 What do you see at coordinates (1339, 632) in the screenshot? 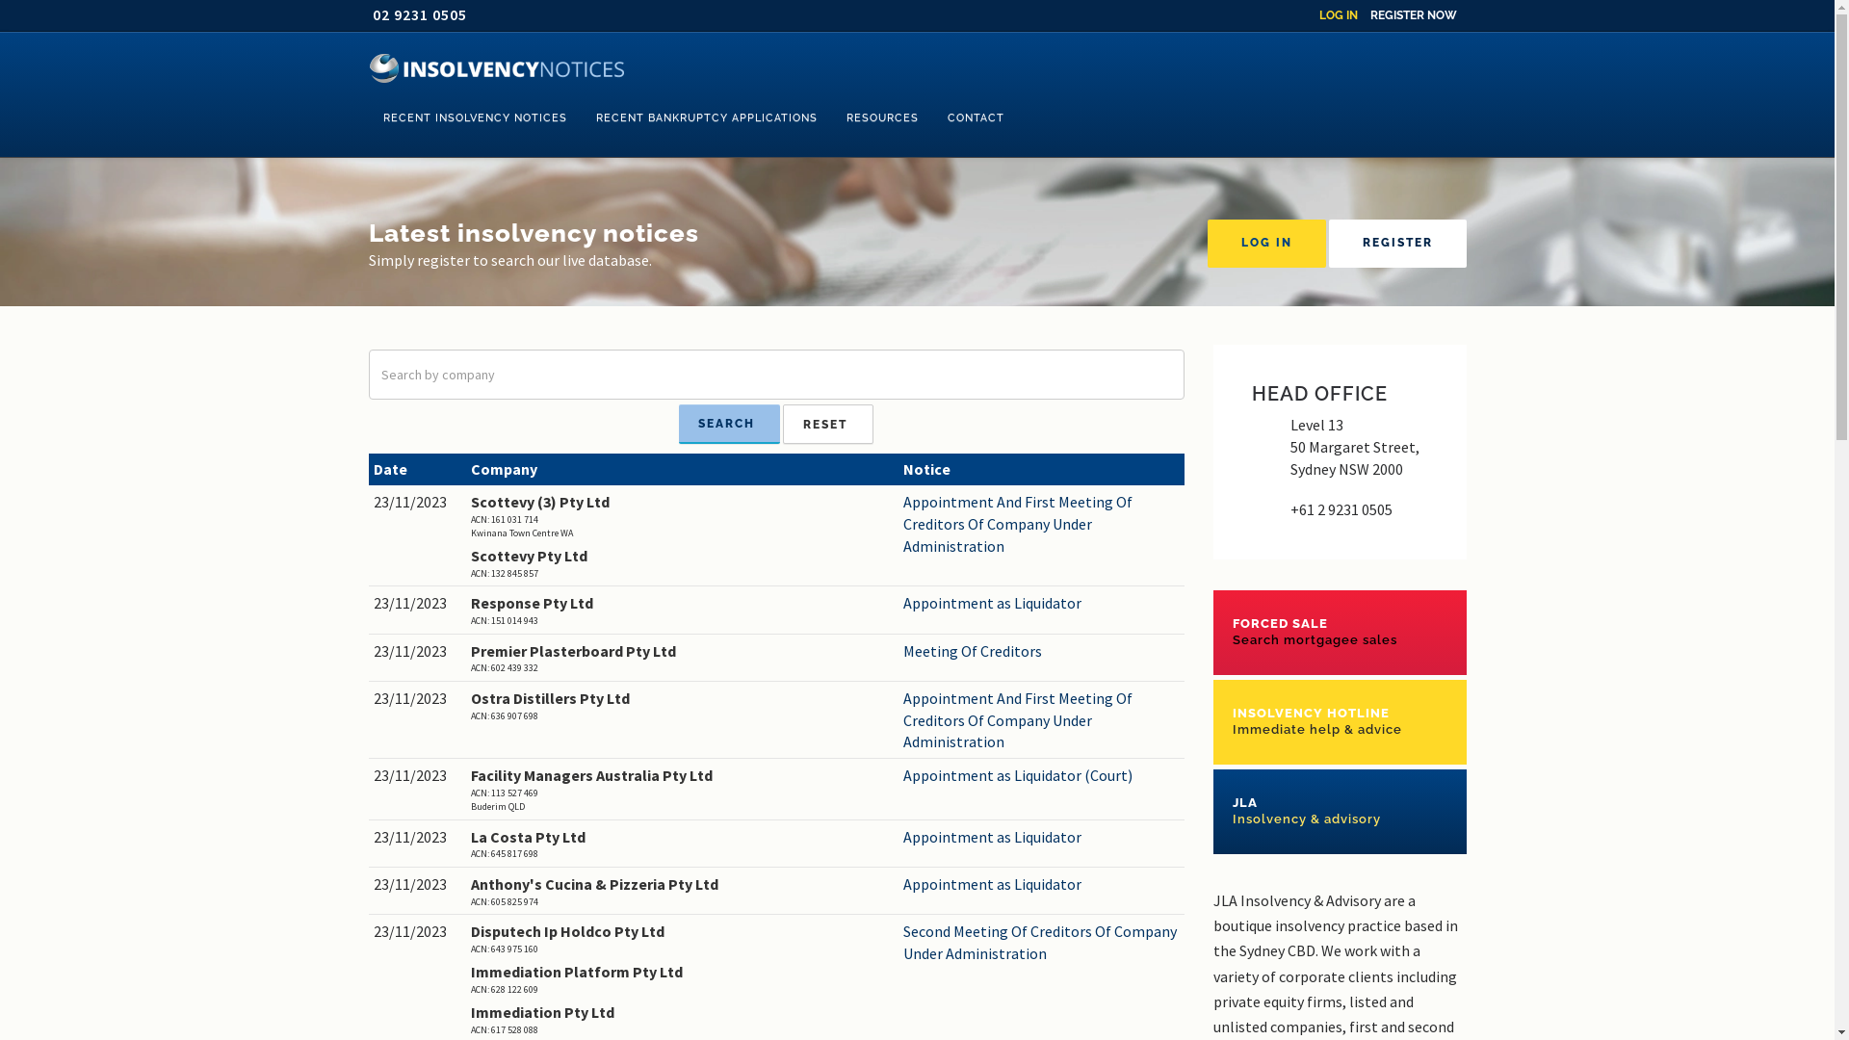
I see `'FORCED SALE` at bounding box center [1339, 632].